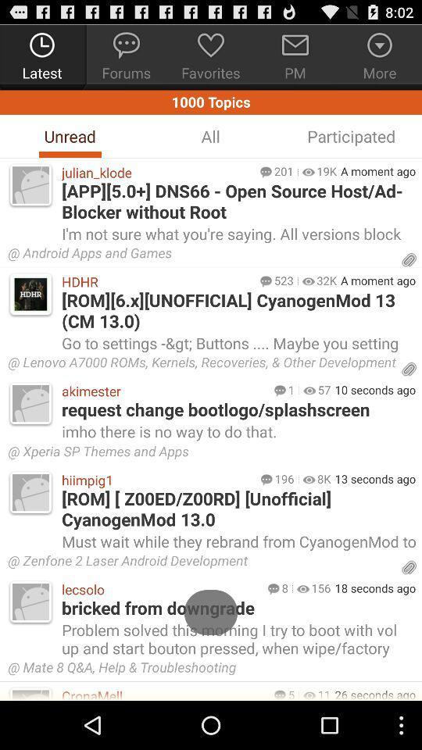 The height and width of the screenshot is (750, 422). I want to click on the icon next to a moment ago icon, so click(326, 280).